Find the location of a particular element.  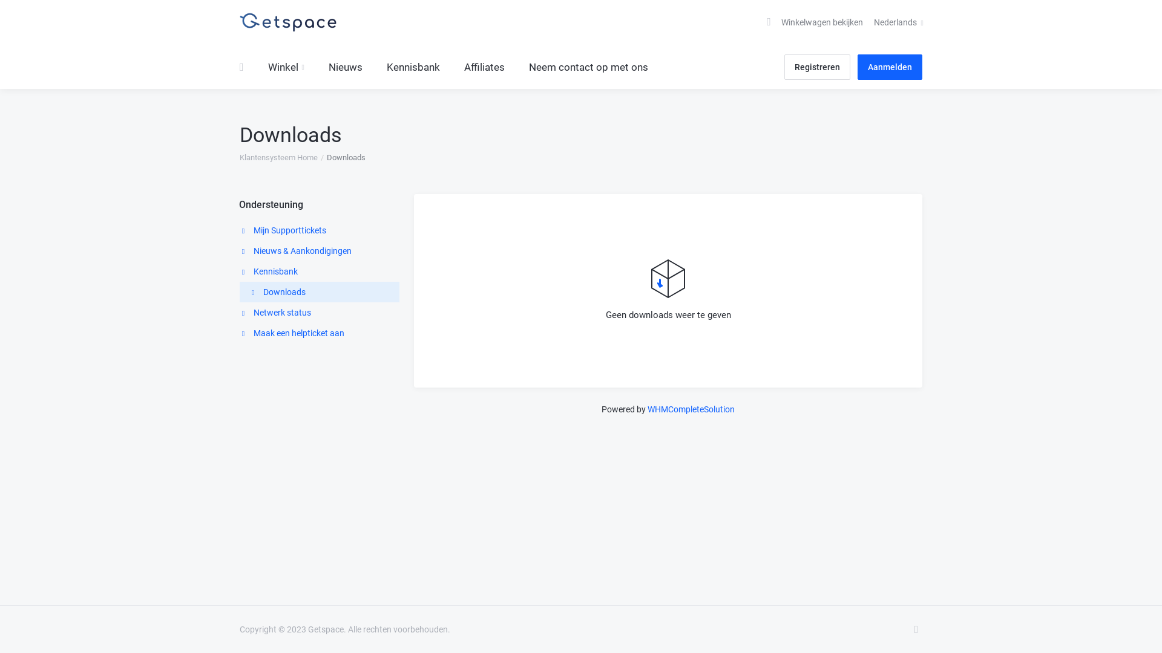

'Nieuws & Aankondigingen' is located at coordinates (320, 250).